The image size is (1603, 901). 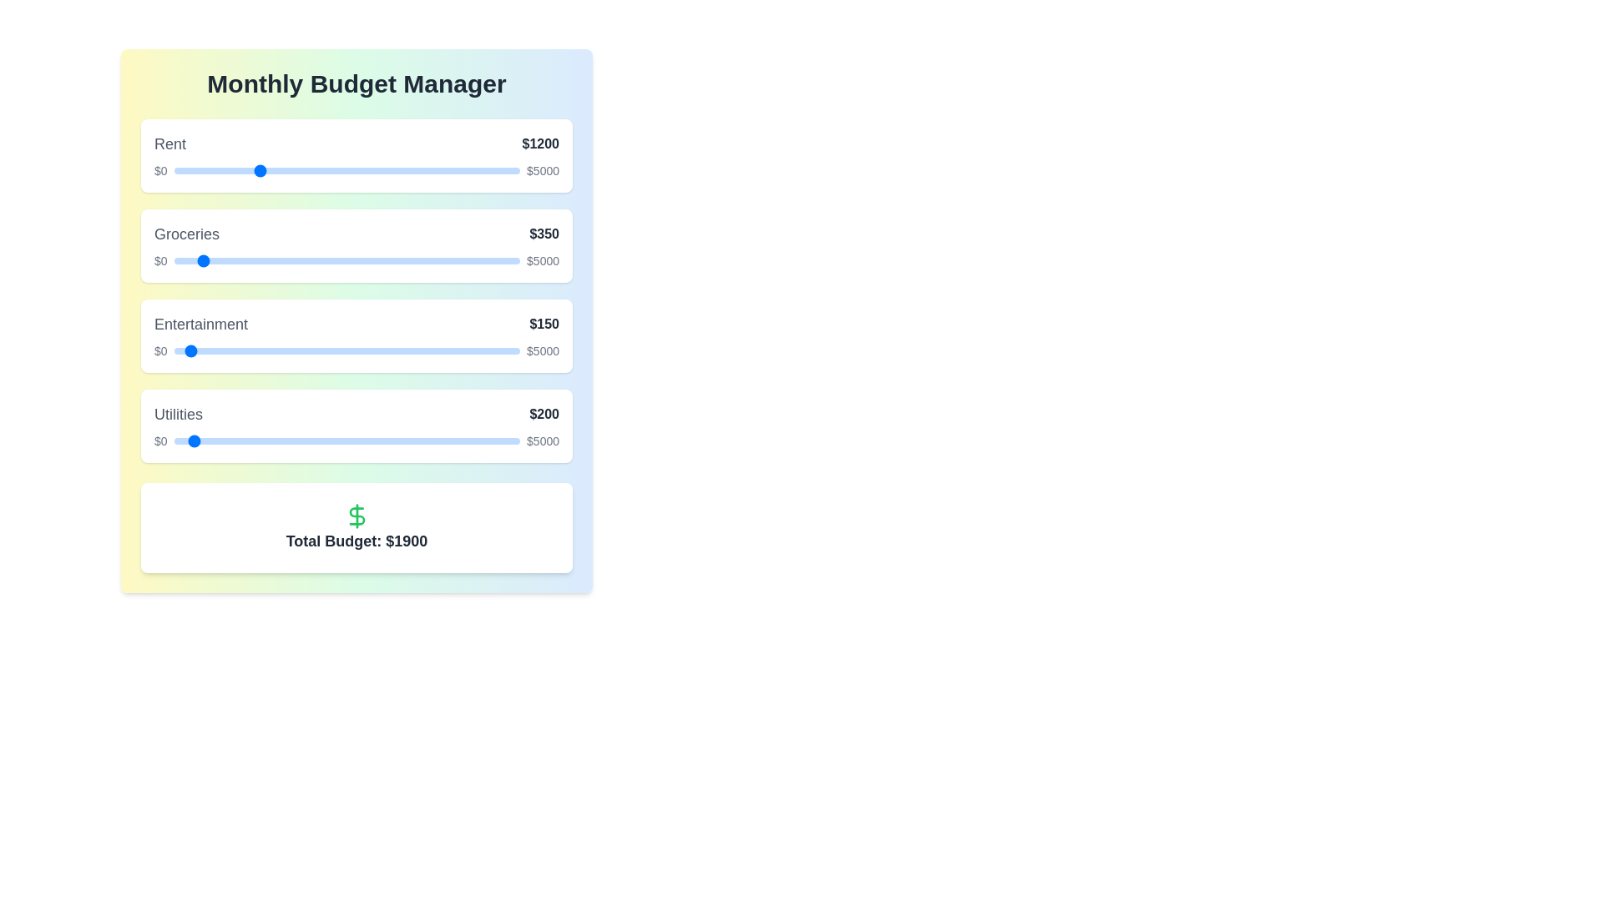 I want to click on the utility budget slider, so click(x=229, y=440).